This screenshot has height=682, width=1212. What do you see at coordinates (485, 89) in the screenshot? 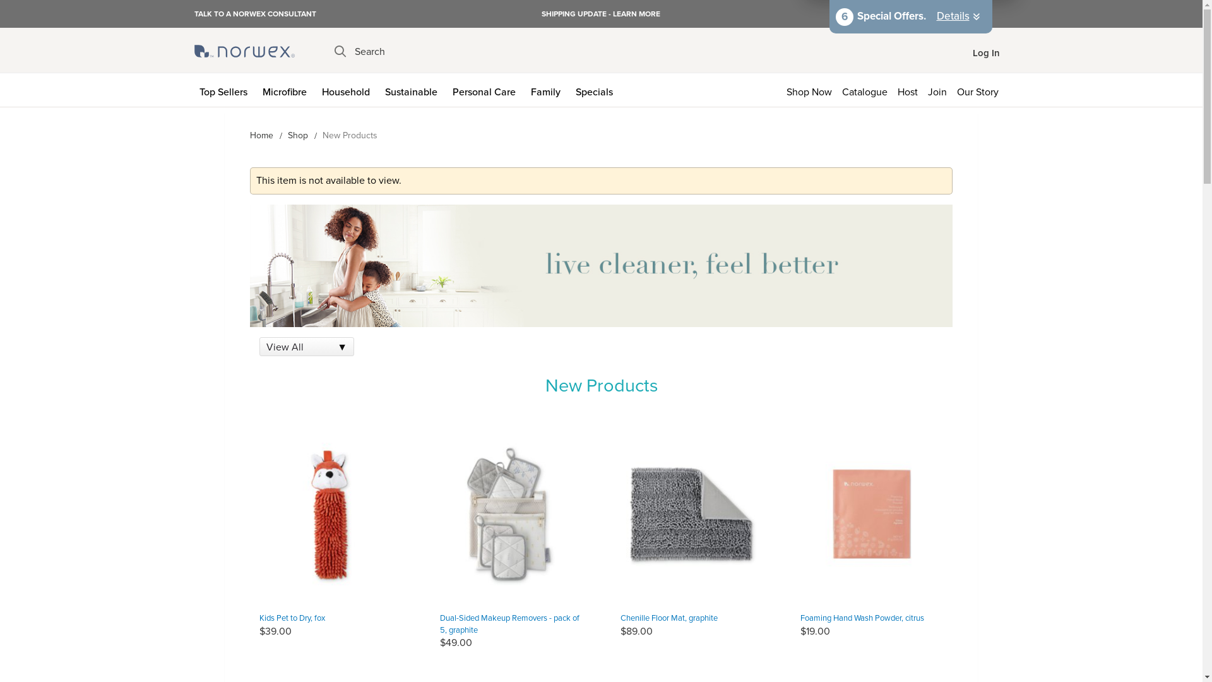
I see `'Personal Care'` at bounding box center [485, 89].